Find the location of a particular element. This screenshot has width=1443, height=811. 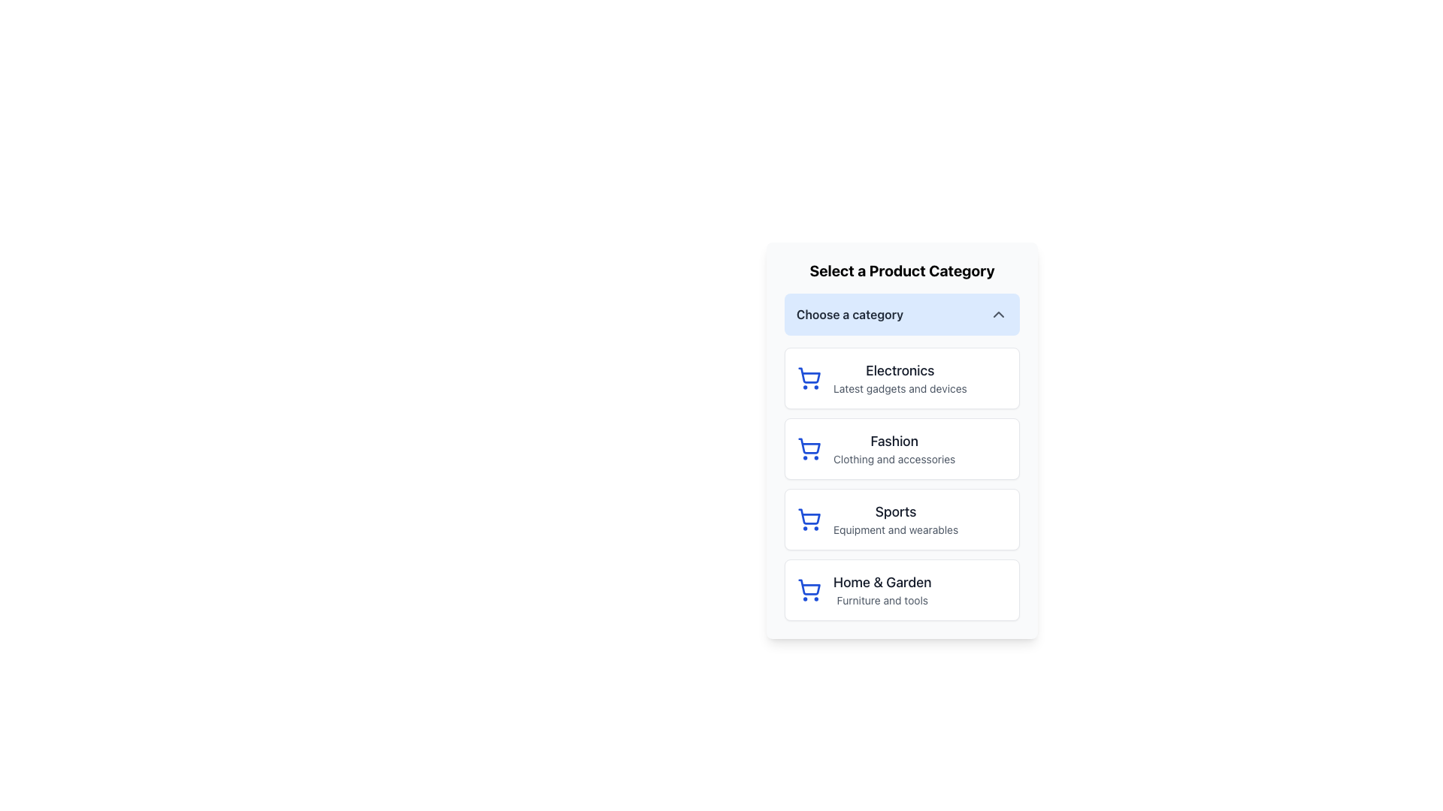

the 'Home & Garden' category option, which is a rectangular button-like element with a white background, rounded corners, and an icon resembling a shopping cart is located at coordinates (902, 589).